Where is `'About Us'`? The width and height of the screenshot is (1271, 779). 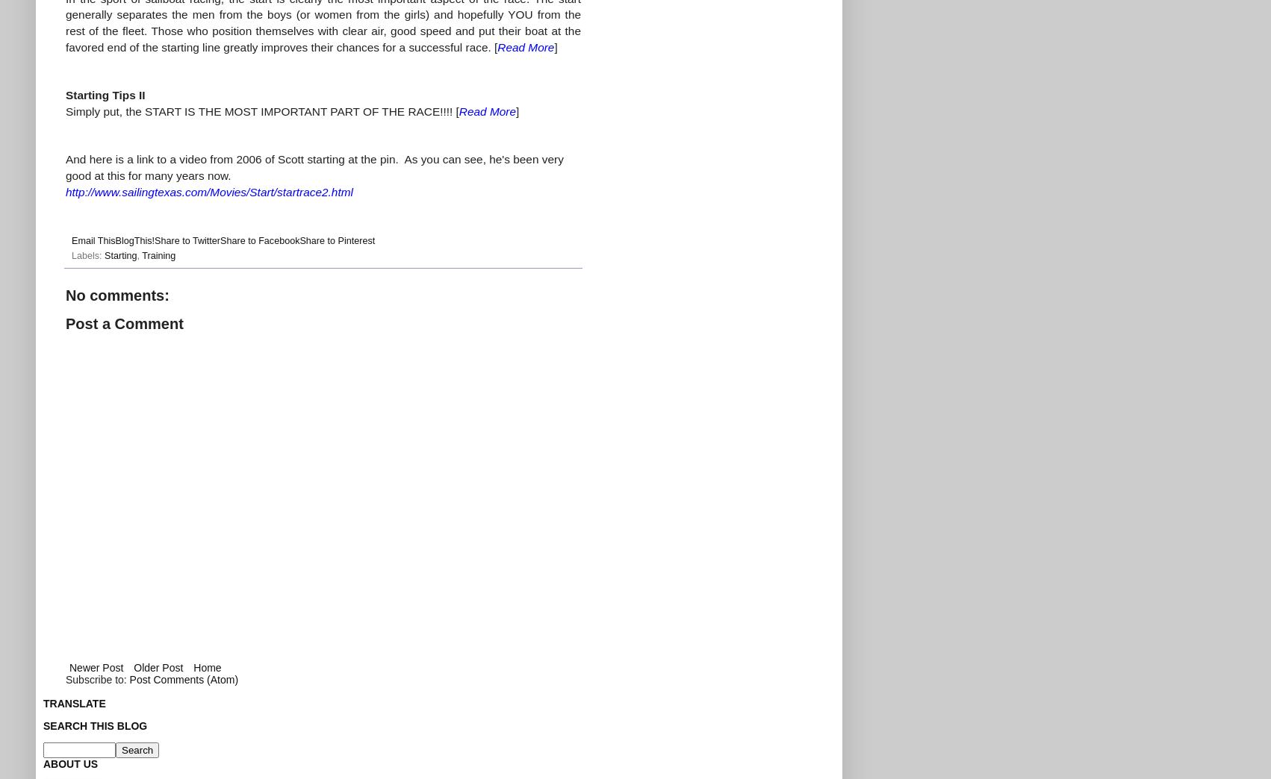 'About Us' is located at coordinates (43, 763).